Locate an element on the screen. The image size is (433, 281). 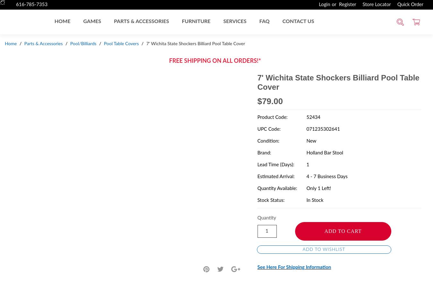
'616-785-7353' is located at coordinates (15, 4).